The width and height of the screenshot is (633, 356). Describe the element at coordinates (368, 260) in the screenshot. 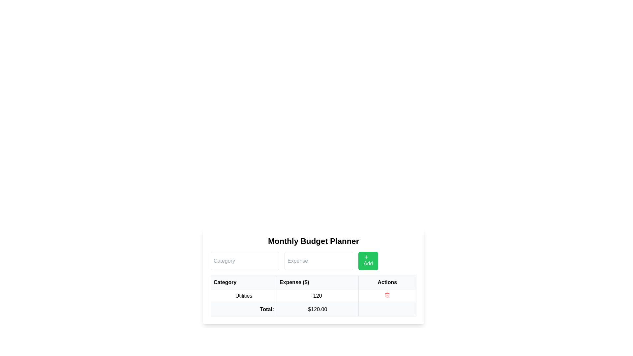

I see `the button that adds a new entry to the list of items displayed below, located in the top-right section of the form header above the grid table` at that location.